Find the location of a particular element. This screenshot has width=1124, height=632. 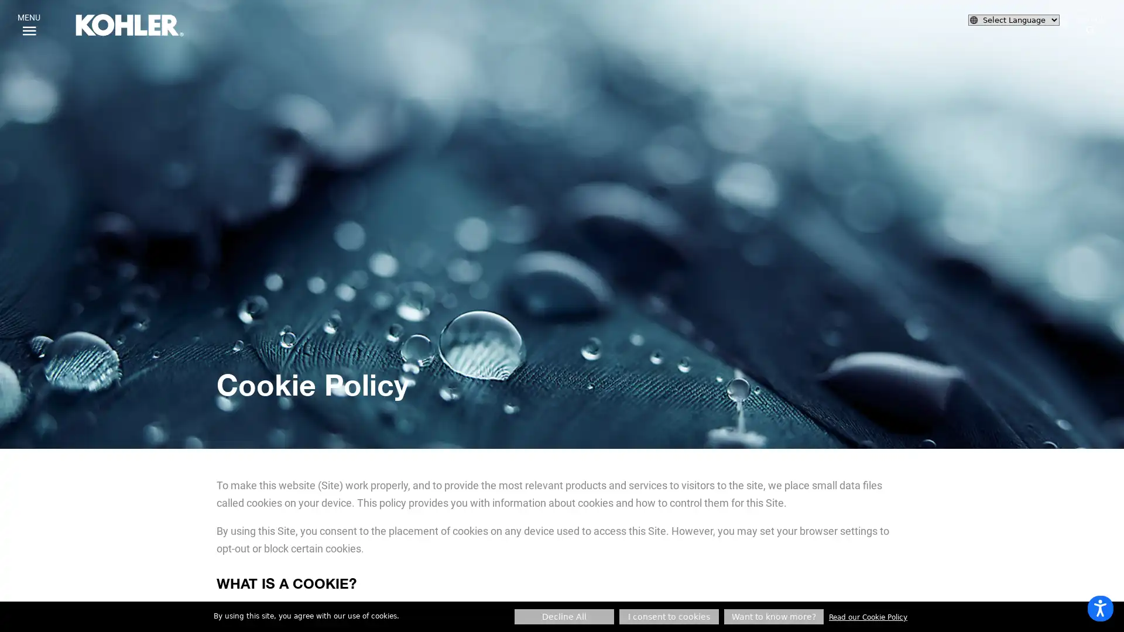

SEARCH is located at coordinates (1090, 25).